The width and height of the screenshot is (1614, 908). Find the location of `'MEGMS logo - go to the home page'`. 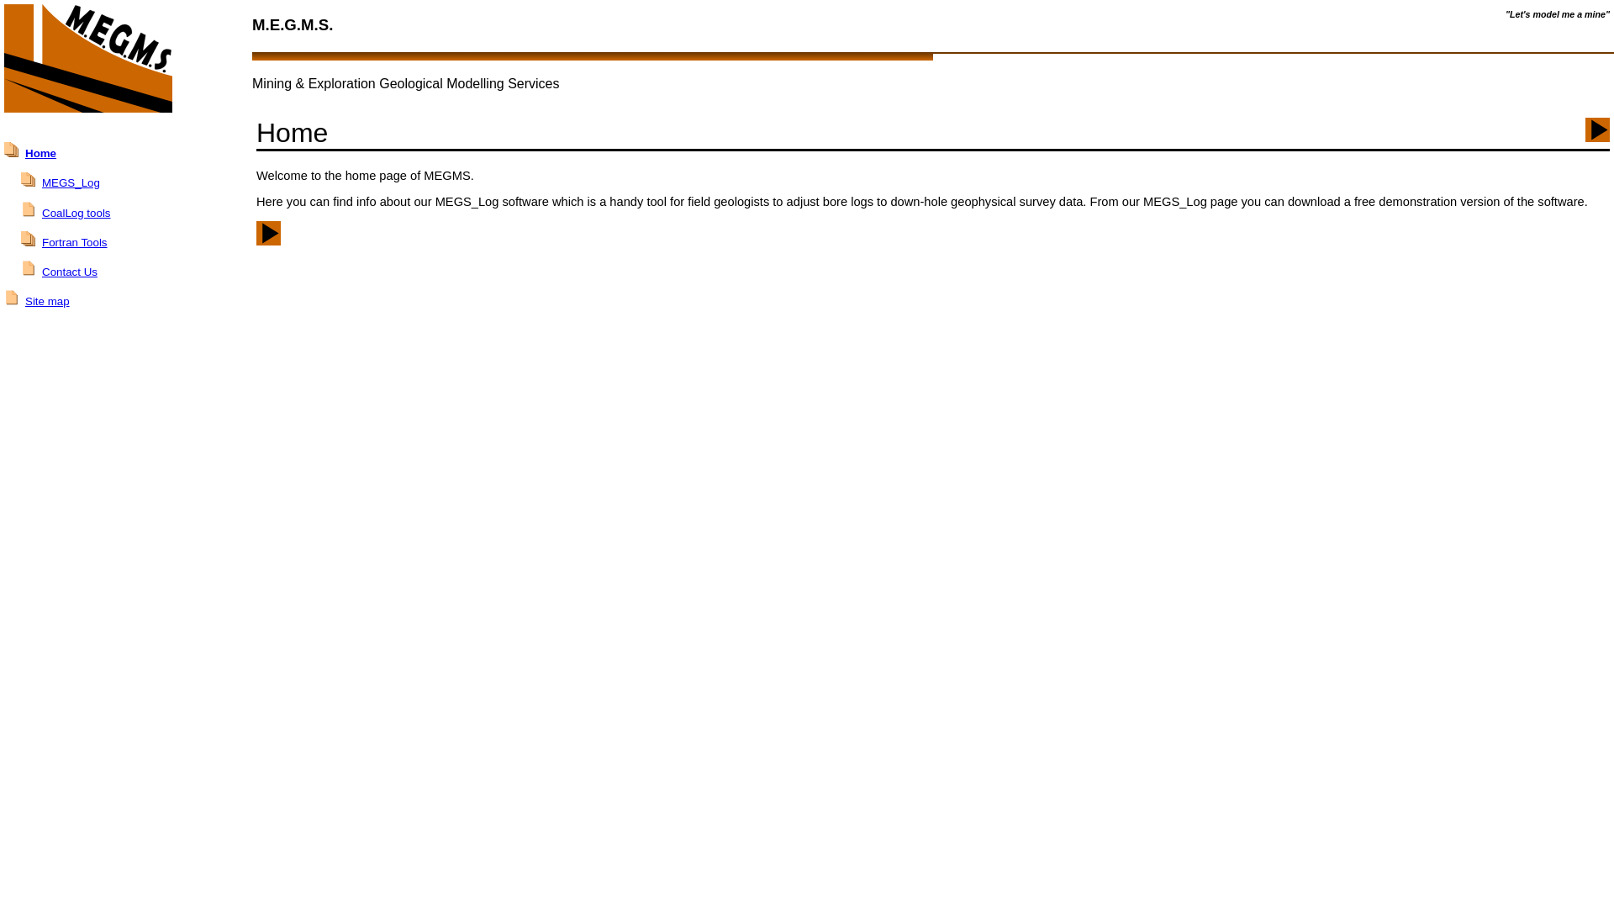

'MEGMS logo - go to the home page' is located at coordinates (3, 58).